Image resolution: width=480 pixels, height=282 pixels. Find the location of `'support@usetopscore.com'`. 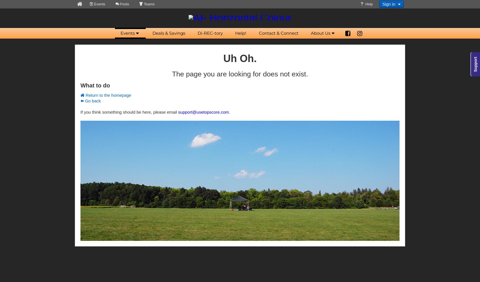

'support@usetopscore.com' is located at coordinates (203, 112).